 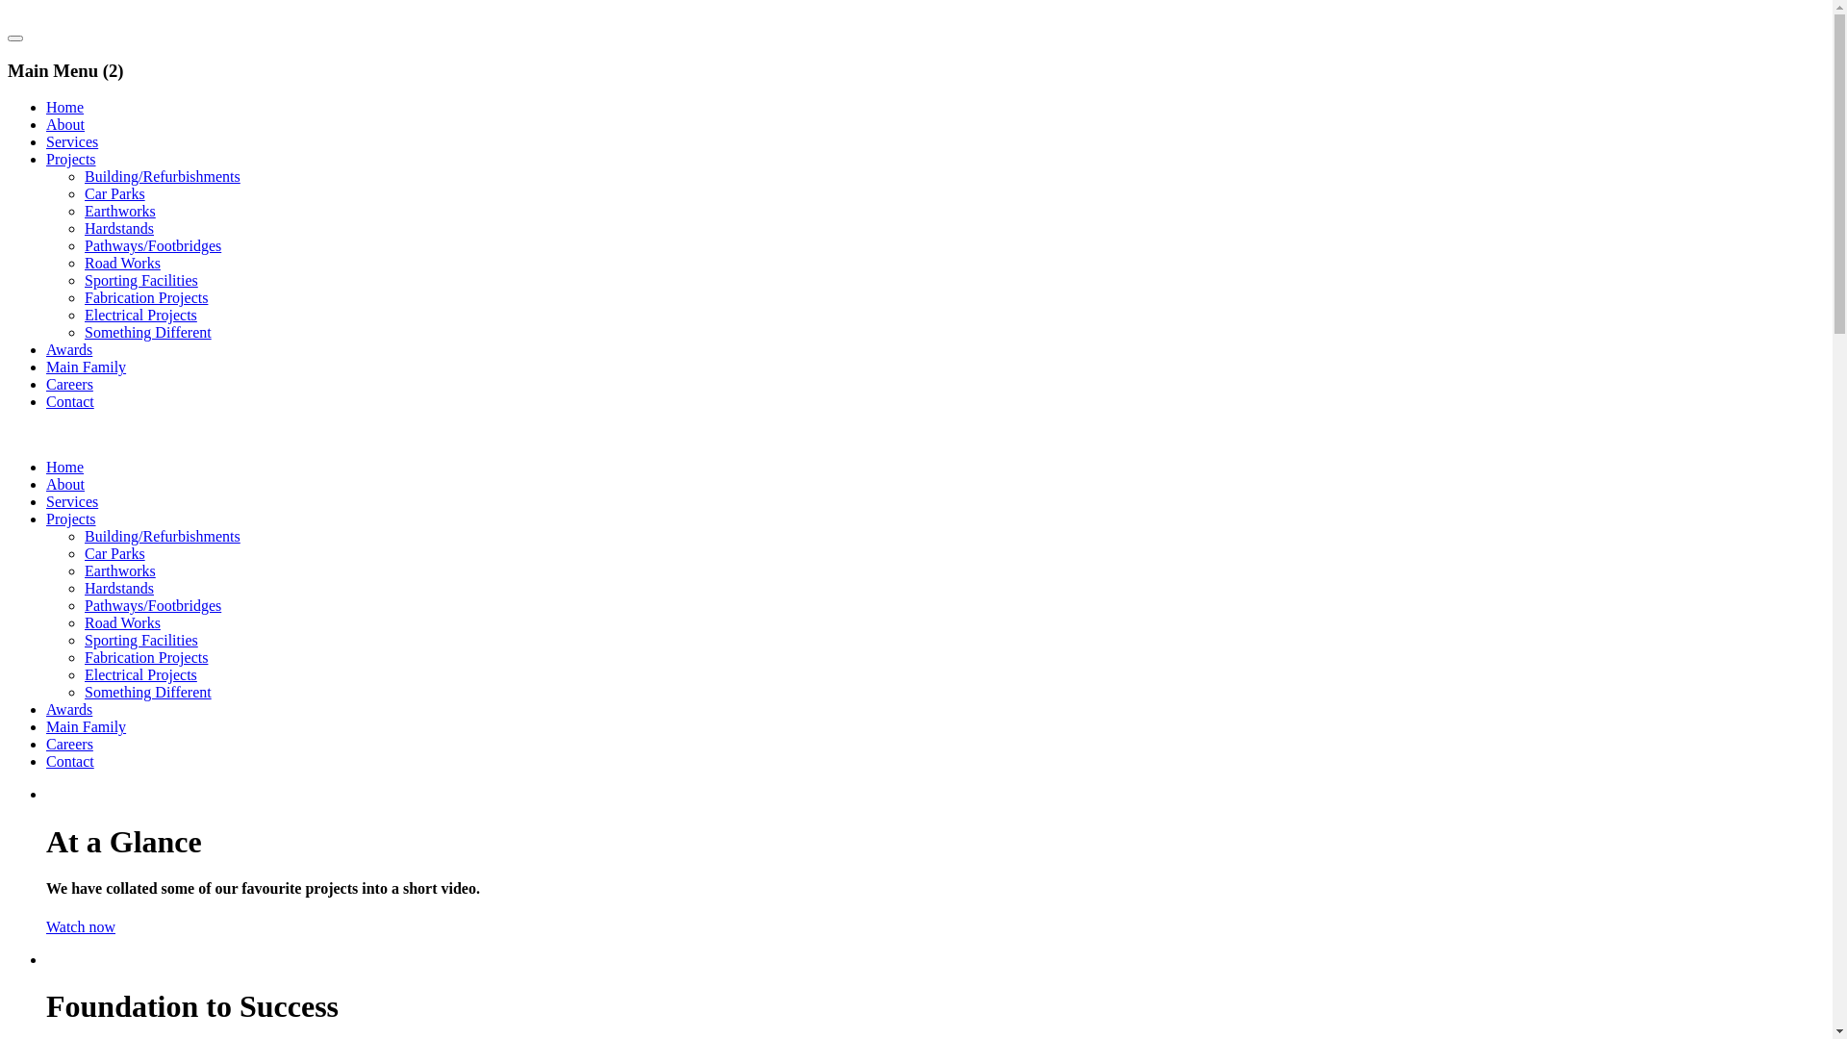 What do you see at coordinates (85, 367) in the screenshot?
I see `'Main Family'` at bounding box center [85, 367].